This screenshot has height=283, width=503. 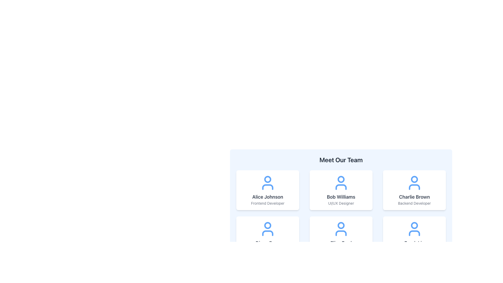 What do you see at coordinates (414, 183) in the screenshot?
I see `the user icon (SVG) representing 'Charlie Brown', located at the top of the card displaying his name and title in the third column of the grid` at bounding box center [414, 183].